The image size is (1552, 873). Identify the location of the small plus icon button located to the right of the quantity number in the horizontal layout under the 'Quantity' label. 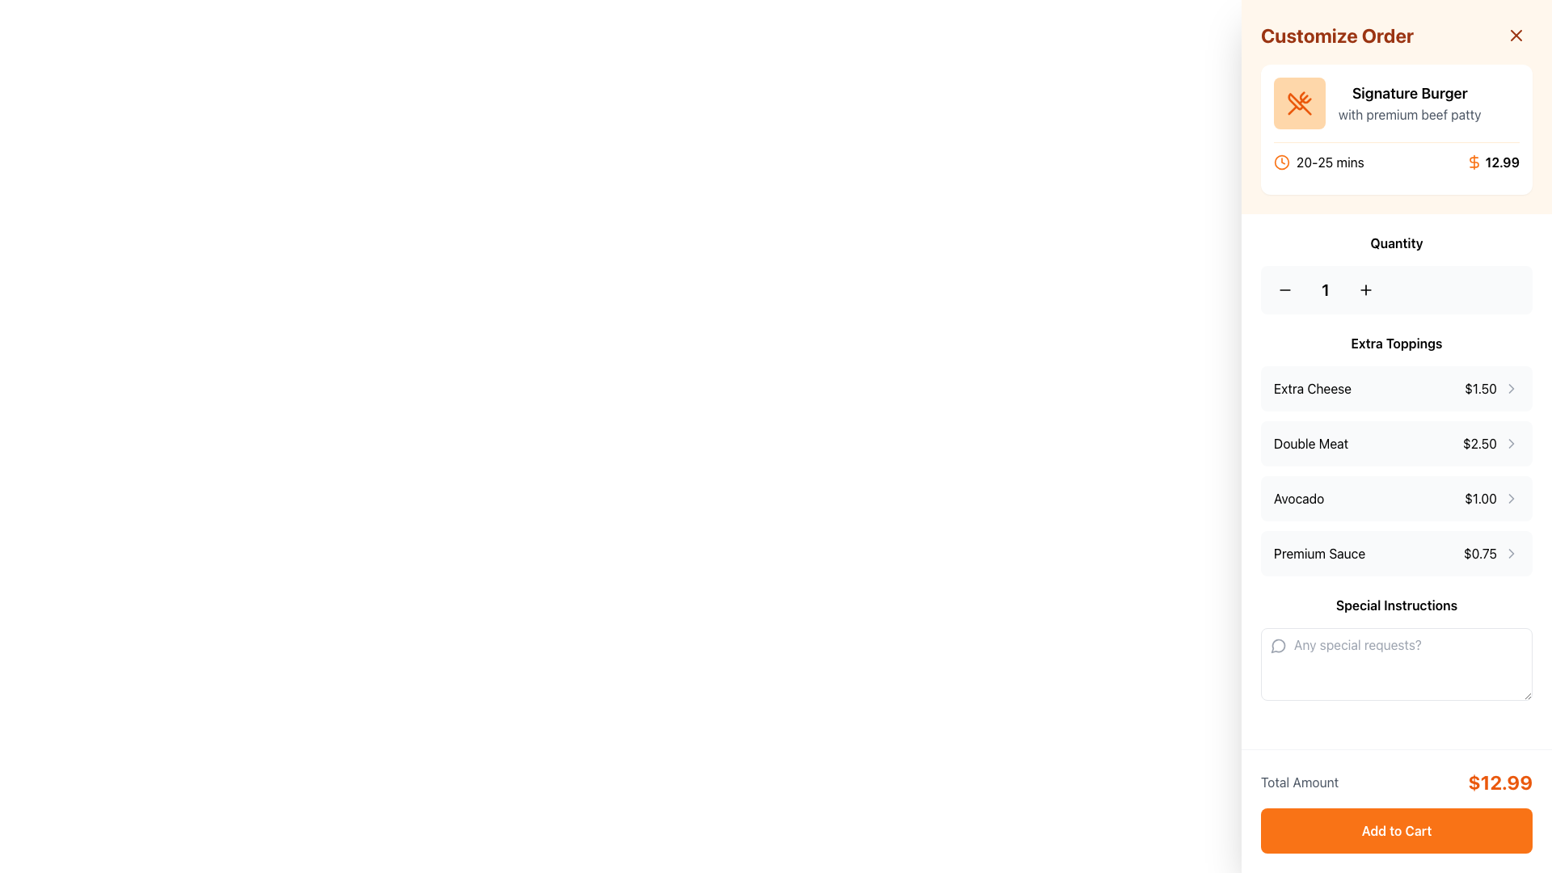
(1364, 289).